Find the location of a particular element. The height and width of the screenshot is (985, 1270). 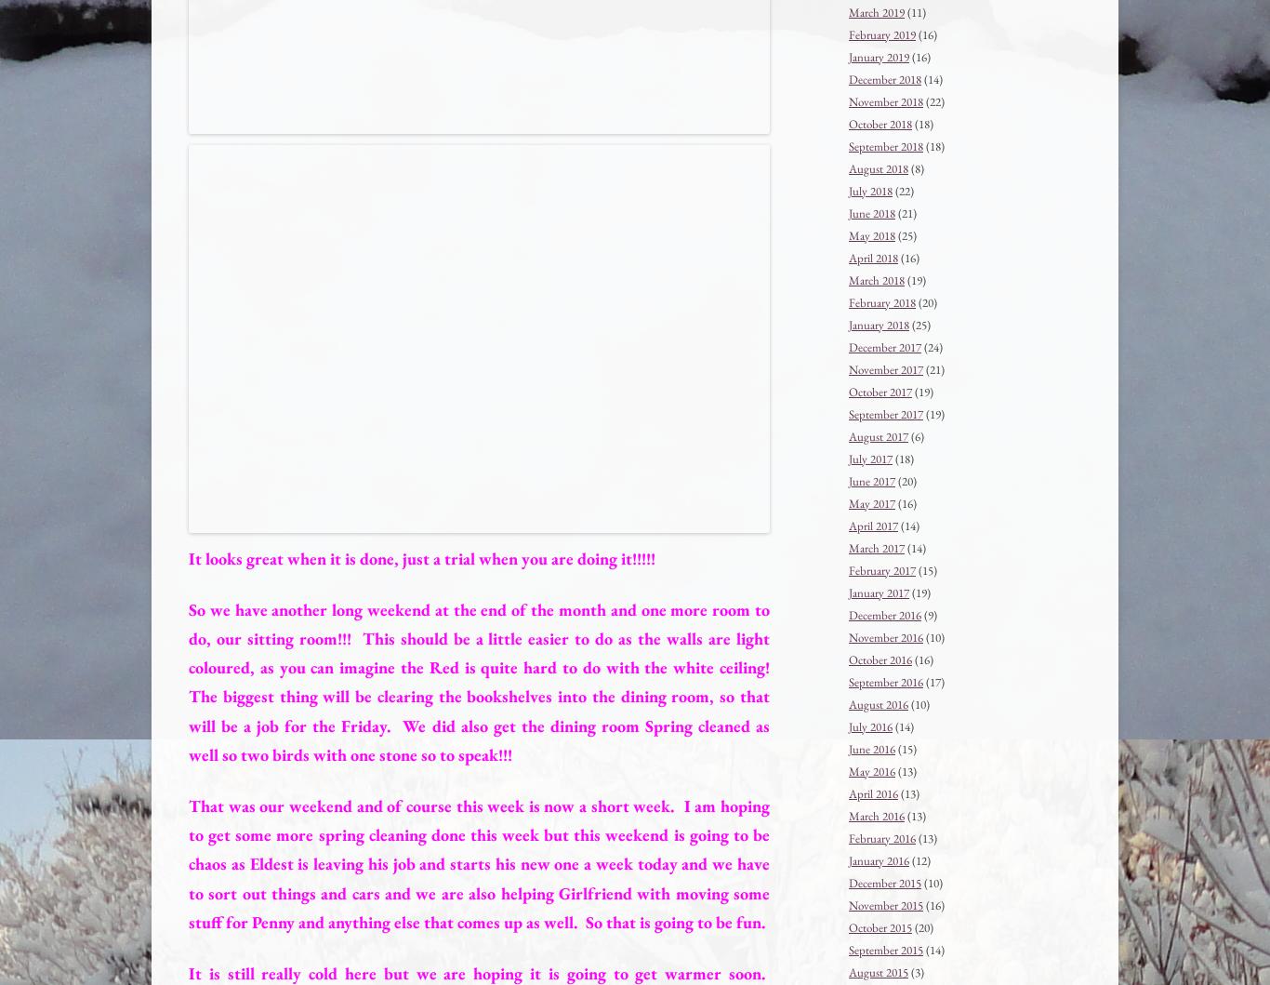

'August 2018' is located at coordinates (849, 166).